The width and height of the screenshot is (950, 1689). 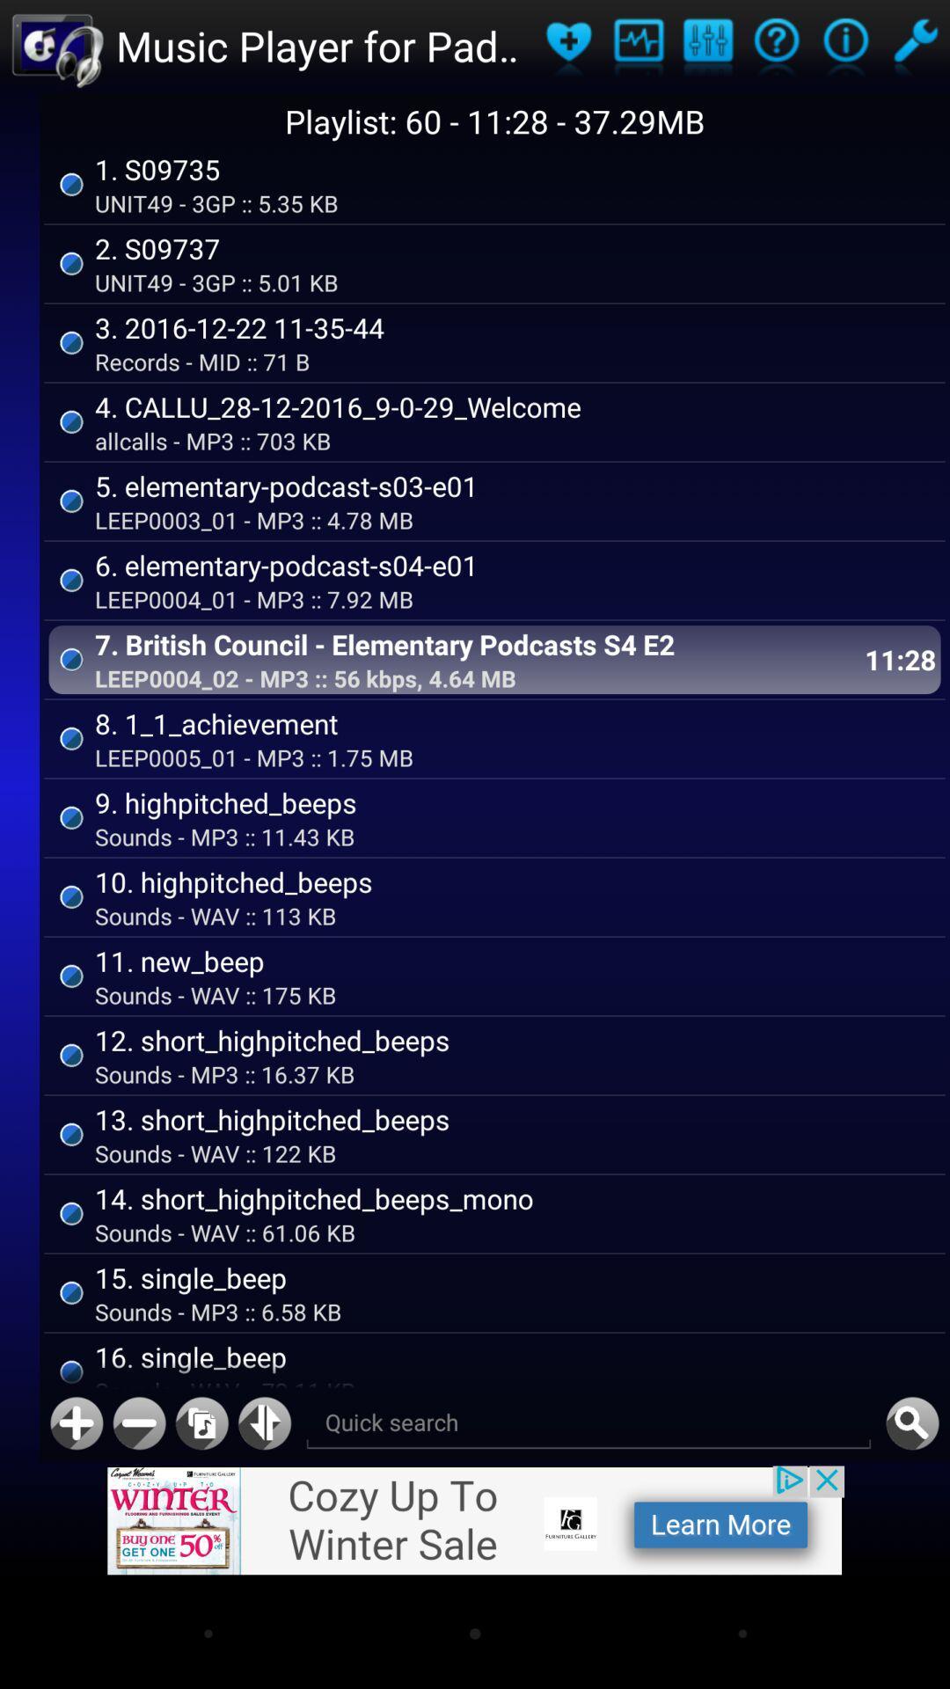 I want to click on banner advertisement, so click(x=475, y=1519).